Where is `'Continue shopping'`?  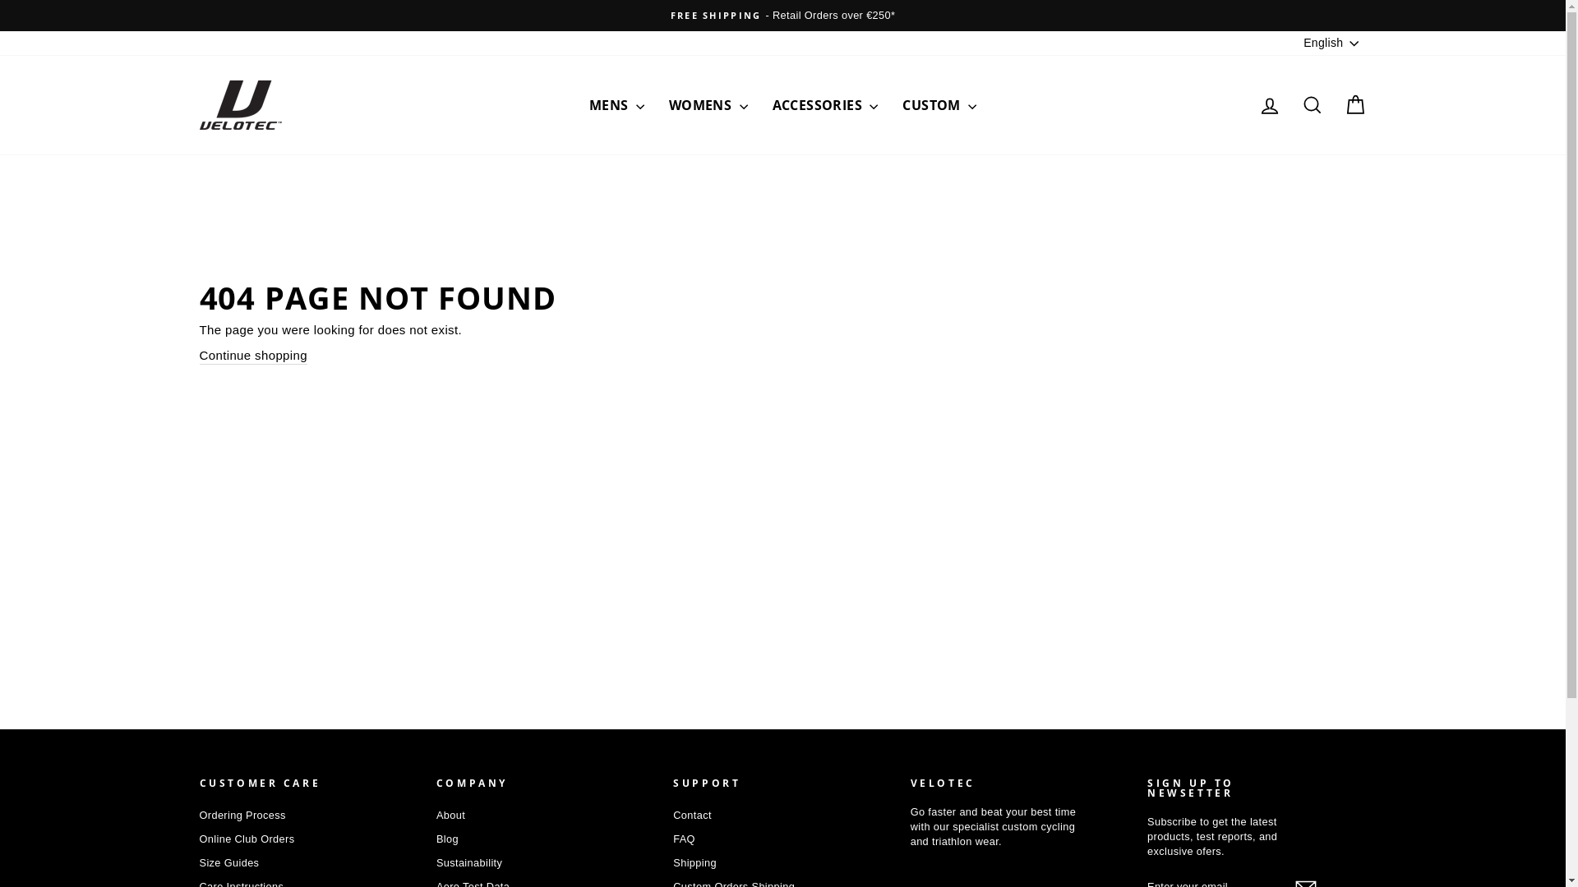 'Continue shopping' is located at coordinates (251, 354).